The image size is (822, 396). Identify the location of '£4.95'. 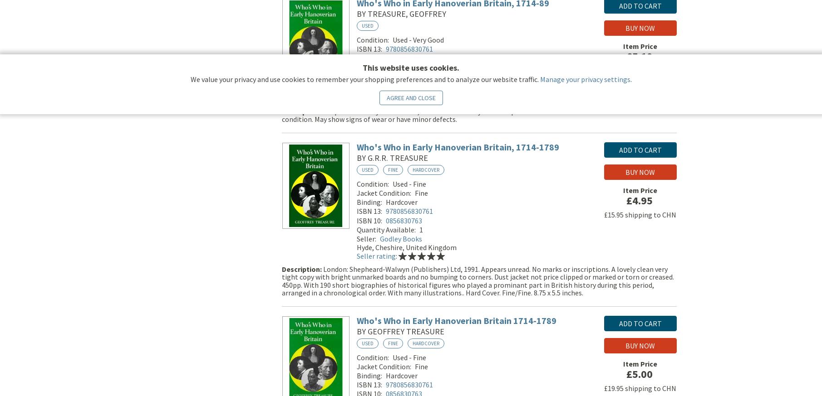
(639, 201).